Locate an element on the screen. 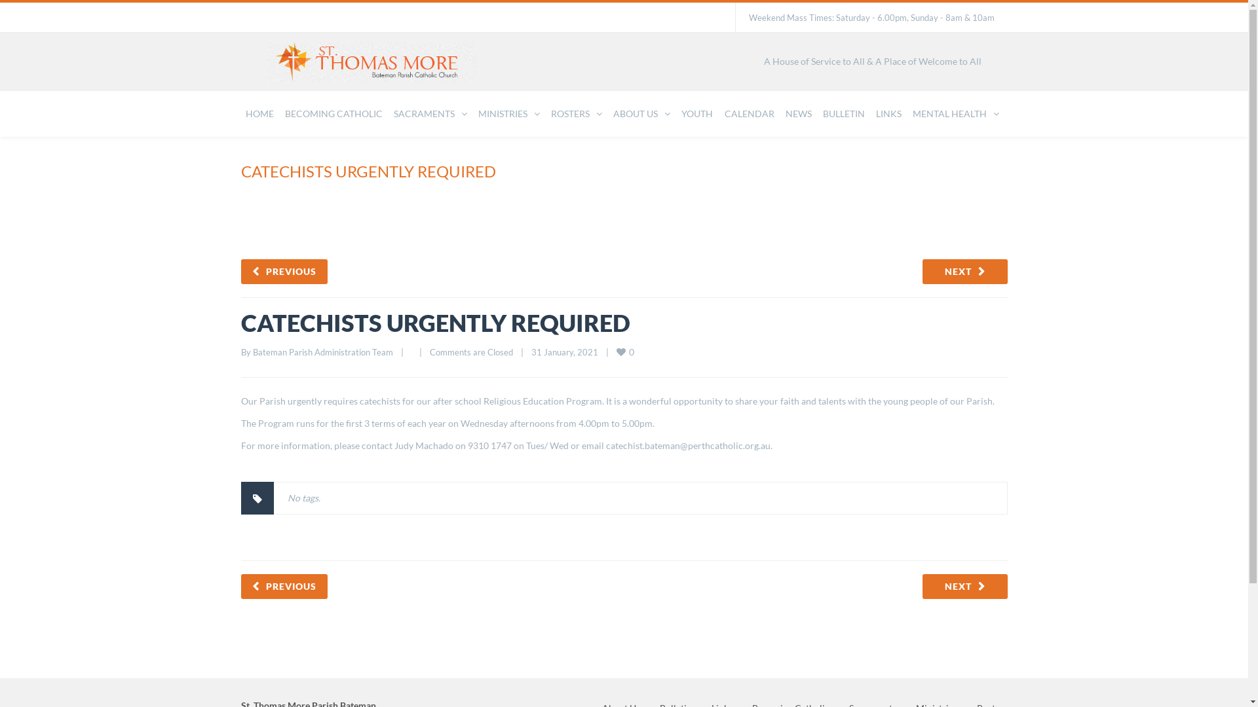 This screenshot has width=1258, height=707. 'YOUTH' is located at coordinates (696, 113).